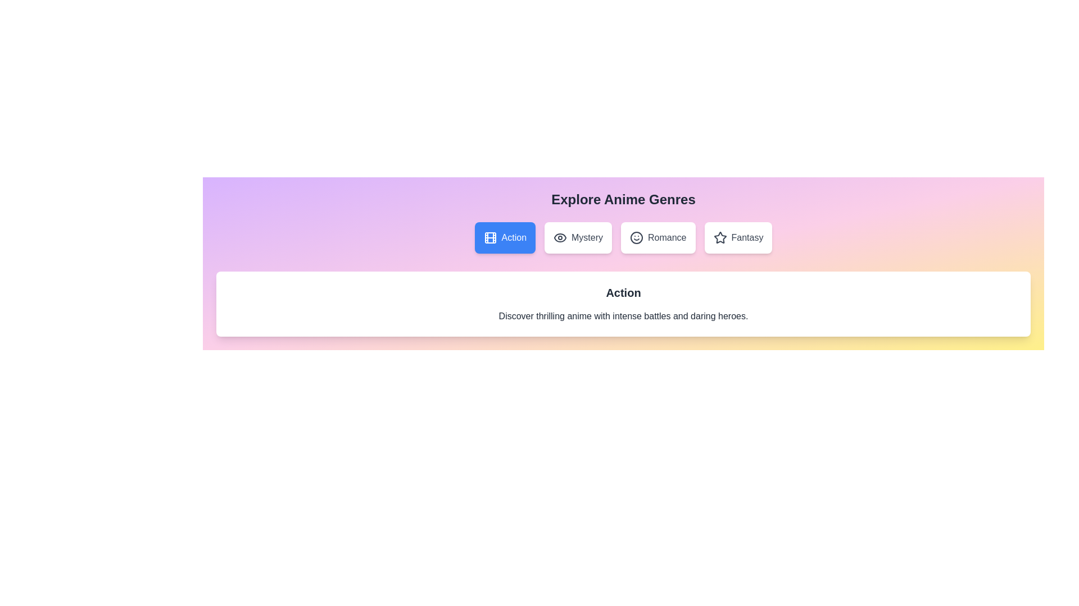 The height and width of the screenshot is (606, 1079). What do you see at coordinates (738, 237) in the screenshot?
I see `the Fantasy tab by clicking on it` at bounding box center [738, 237].